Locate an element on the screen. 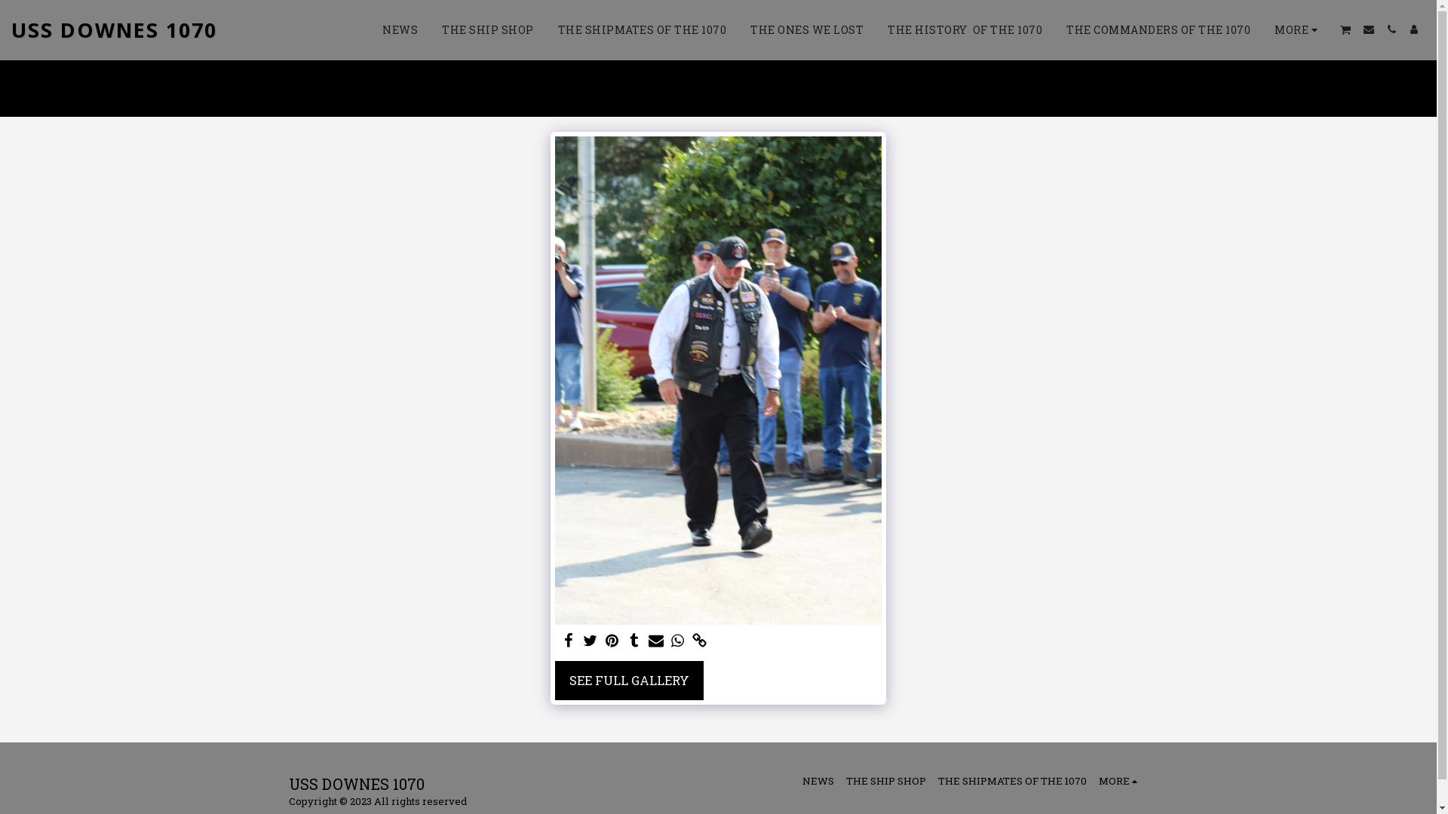  ' ' is located at coordinates (1345, 29).